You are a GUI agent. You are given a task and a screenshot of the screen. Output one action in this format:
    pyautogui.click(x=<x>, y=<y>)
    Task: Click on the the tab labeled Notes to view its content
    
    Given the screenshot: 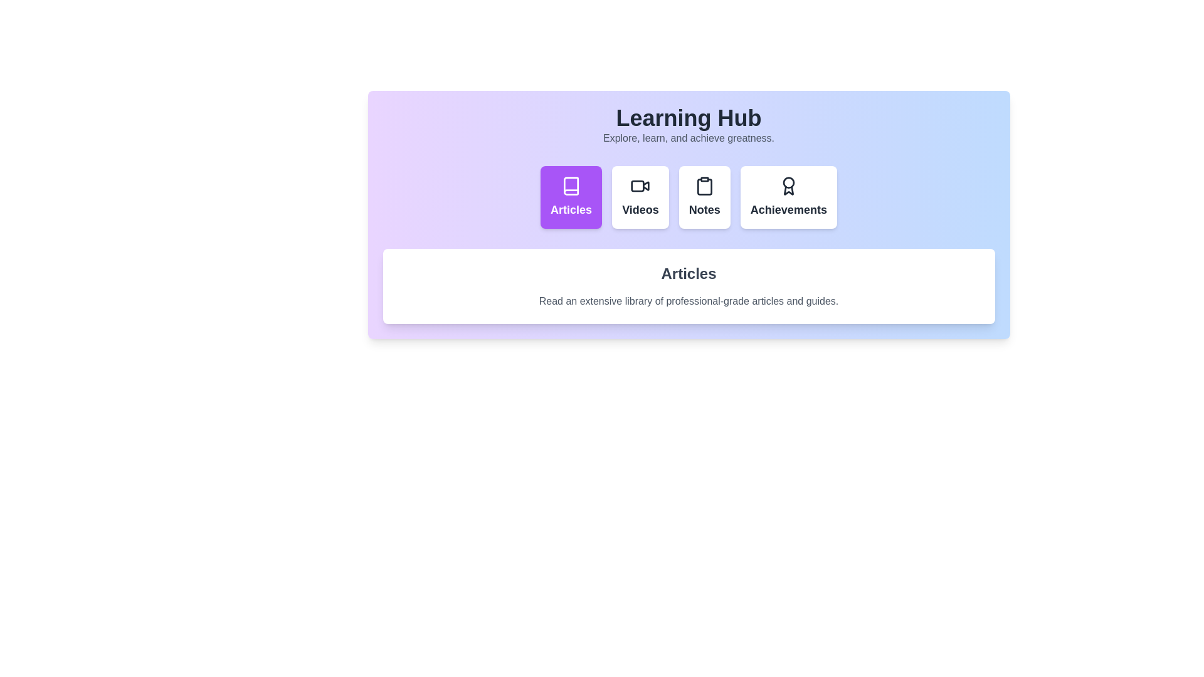 What is the action you would take?
    pyautogui.click(x=704, y=197)
    